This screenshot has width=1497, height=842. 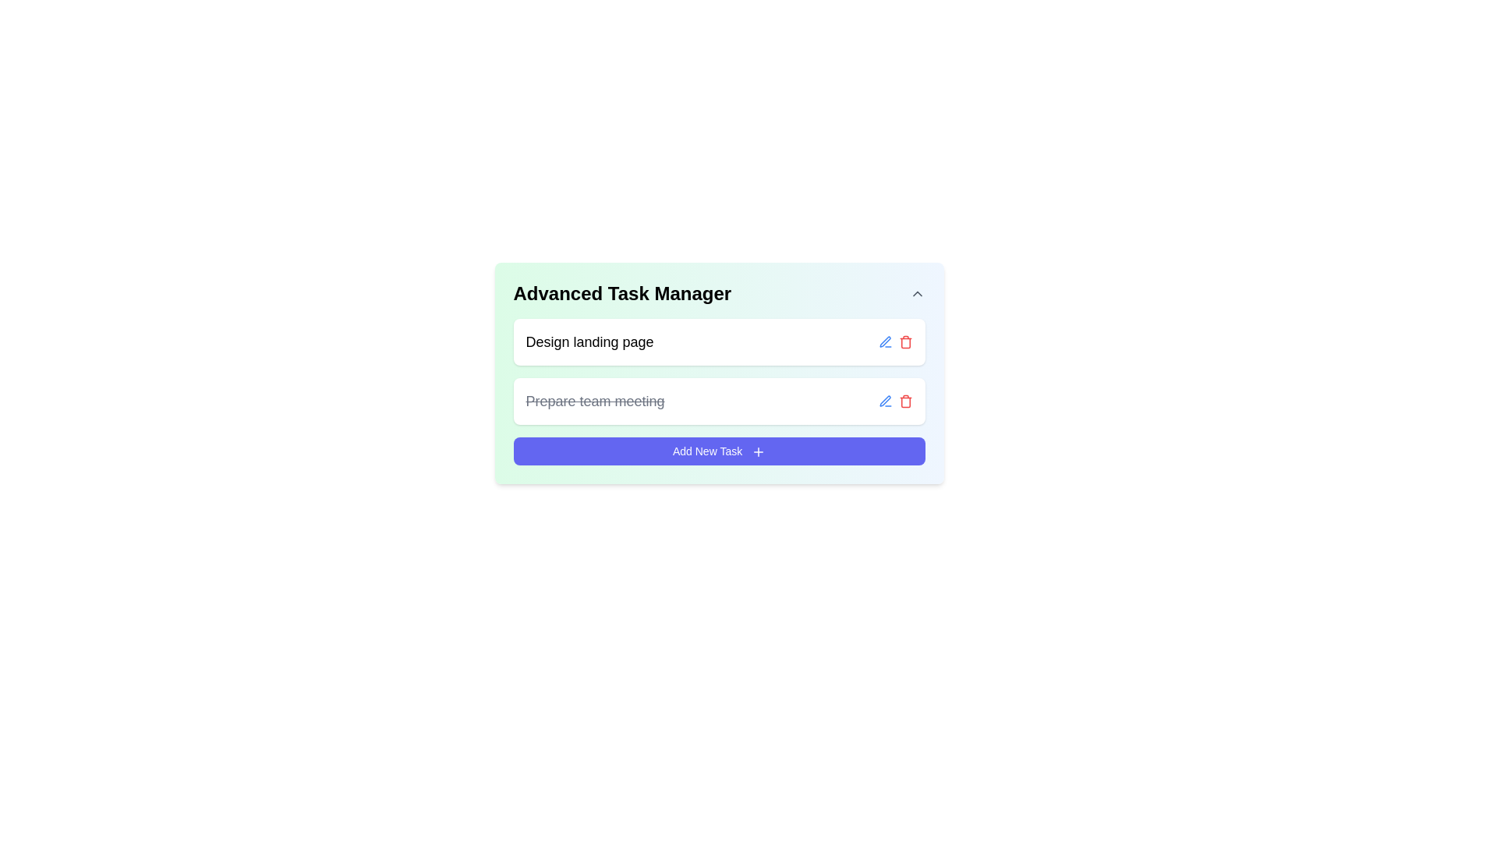 I want to click on the upward-pointing chevron button in the top-right corner of the 'Advanced Task Manager' section, so click(x=917, y=294).